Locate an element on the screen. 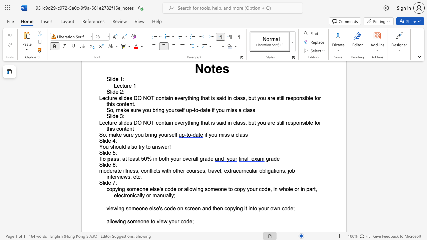 The image size is (427, 240). the subset text "we" within the text "You should also try to answer!" is located at coordinates (160, 146).